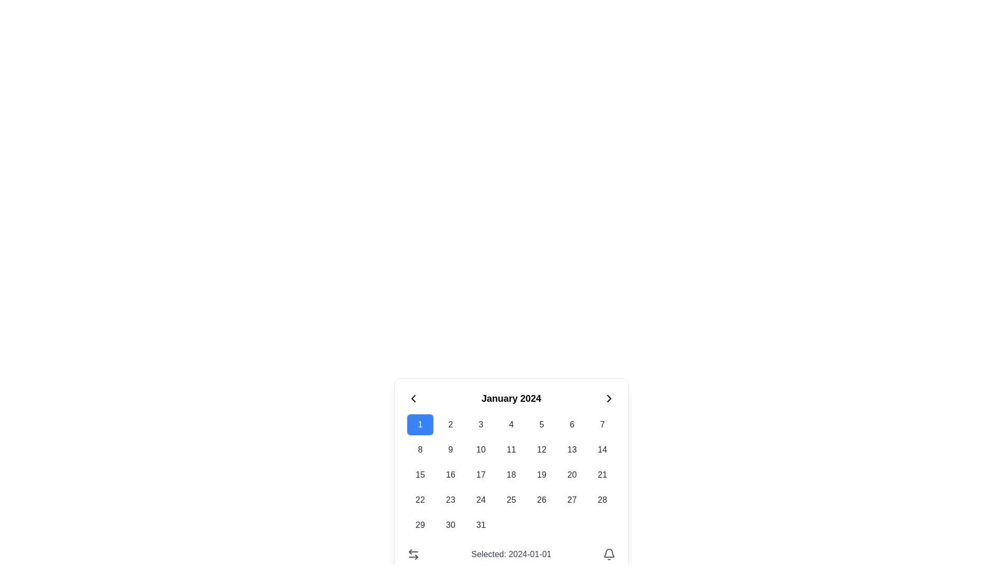 The image size is (1005, 565). Describe the element at coordinates (572, 425) in the screenshot. I see `the button representing the date 6 in the calendar grid` at that location.